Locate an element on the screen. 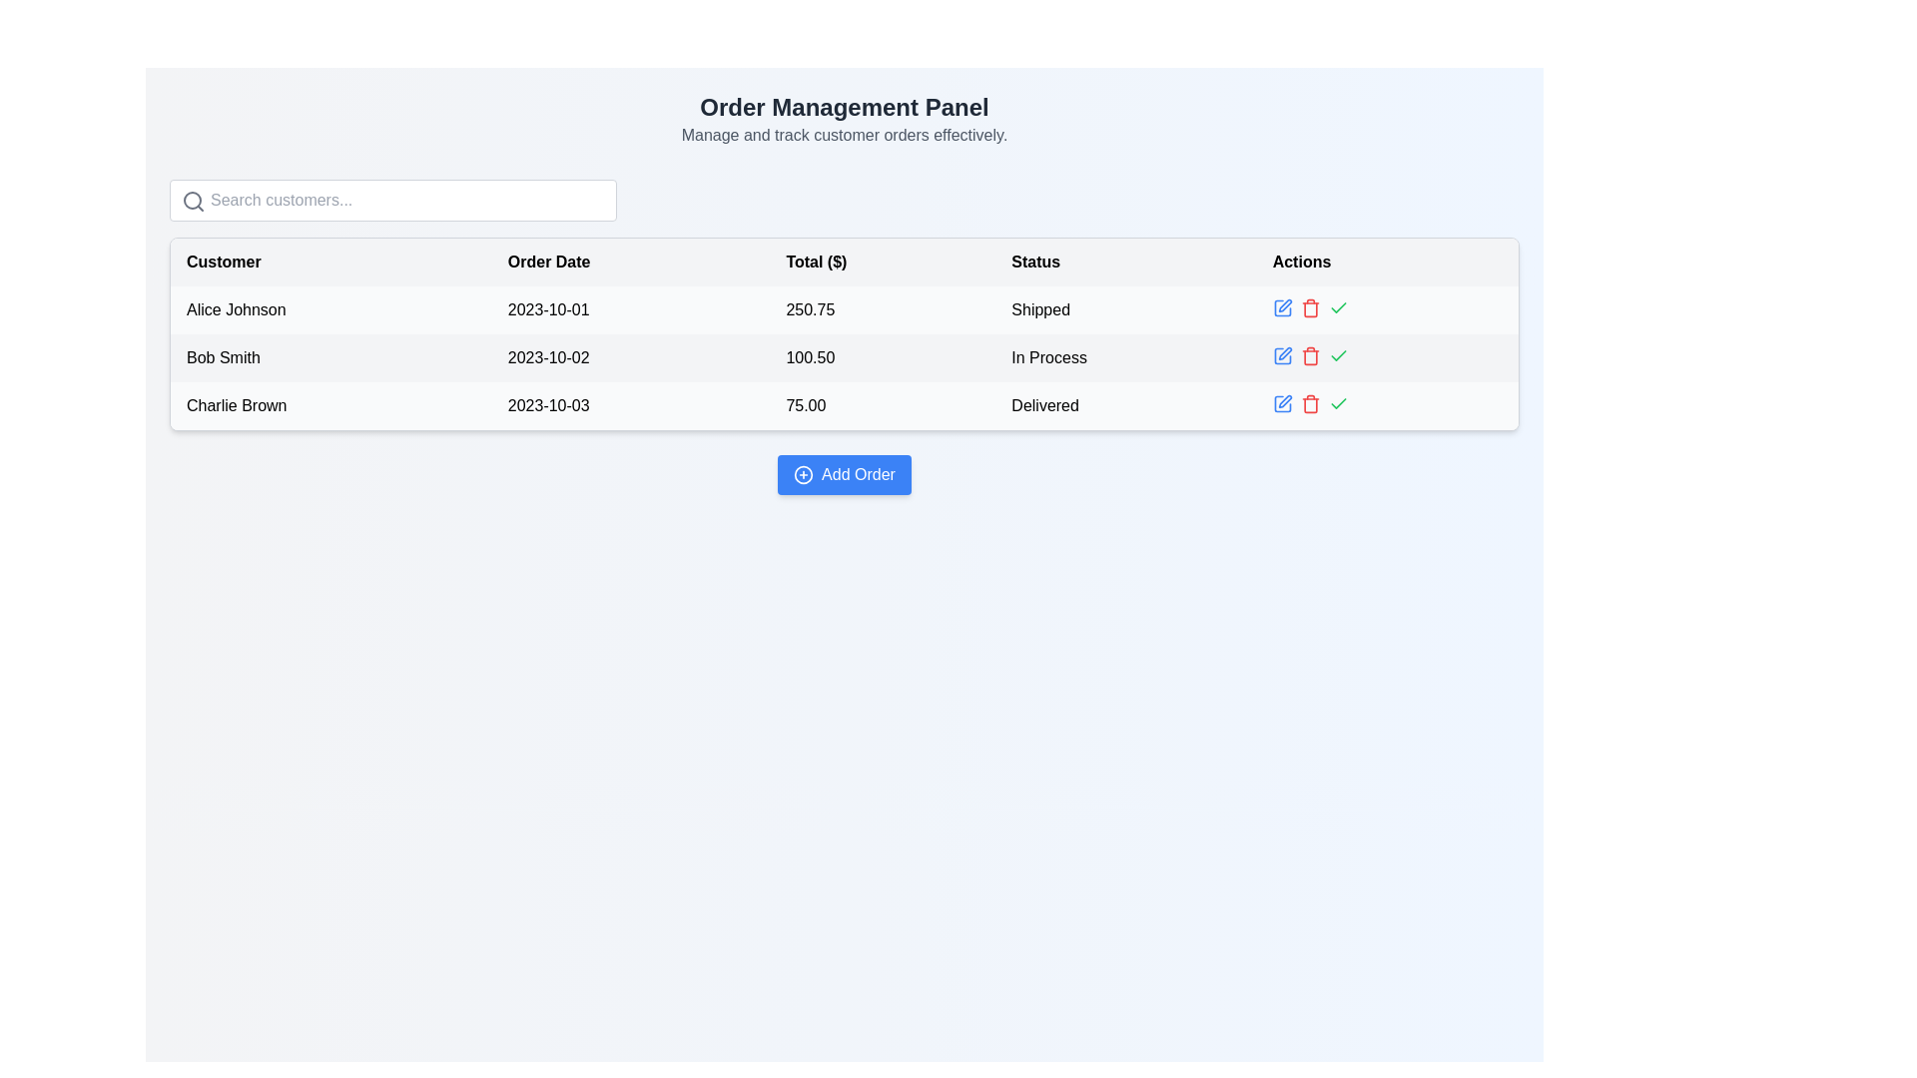 This screenshot has height=1078, width=1917. the circle graphical element that is centrally located within the 'Add Order' button, which is below the customer orders table is located at coordinates (804, 474).